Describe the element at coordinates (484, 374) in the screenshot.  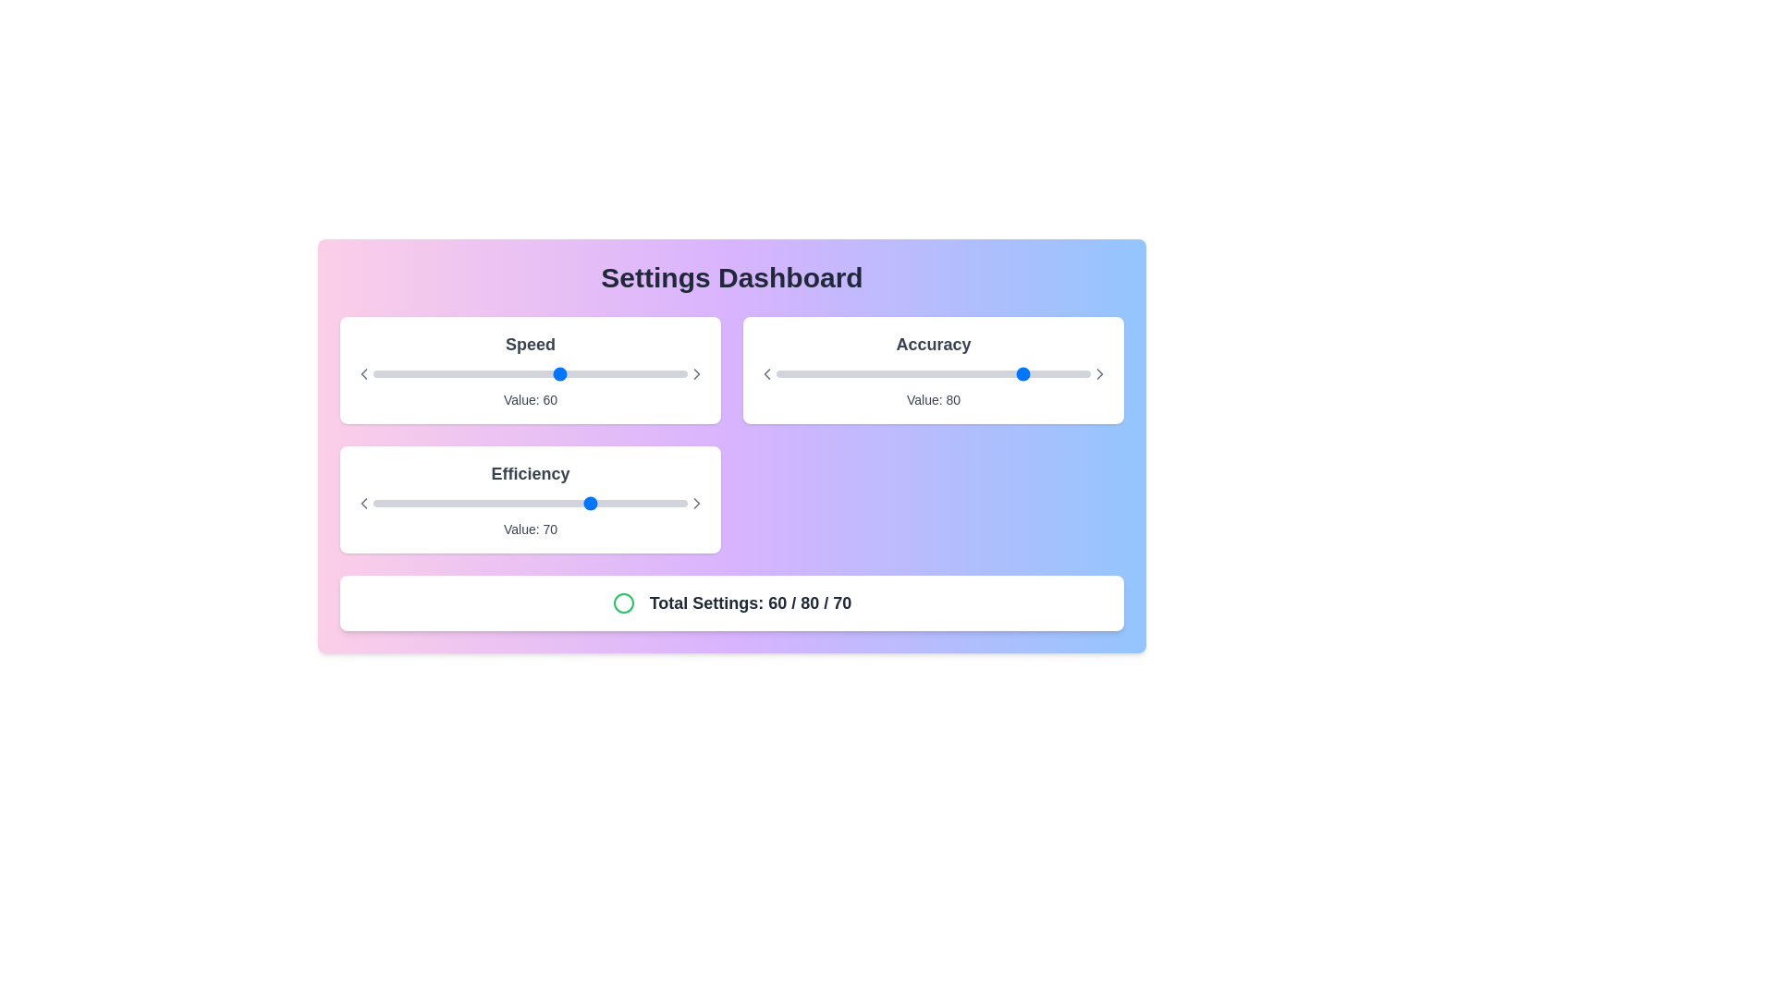
I see `the speed setting` at that location.